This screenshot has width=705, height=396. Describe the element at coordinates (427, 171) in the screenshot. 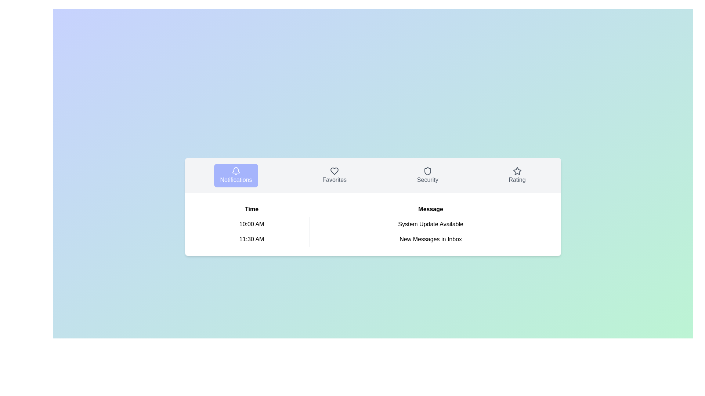

I see `the shield icon in the upper menu bar` at that location.